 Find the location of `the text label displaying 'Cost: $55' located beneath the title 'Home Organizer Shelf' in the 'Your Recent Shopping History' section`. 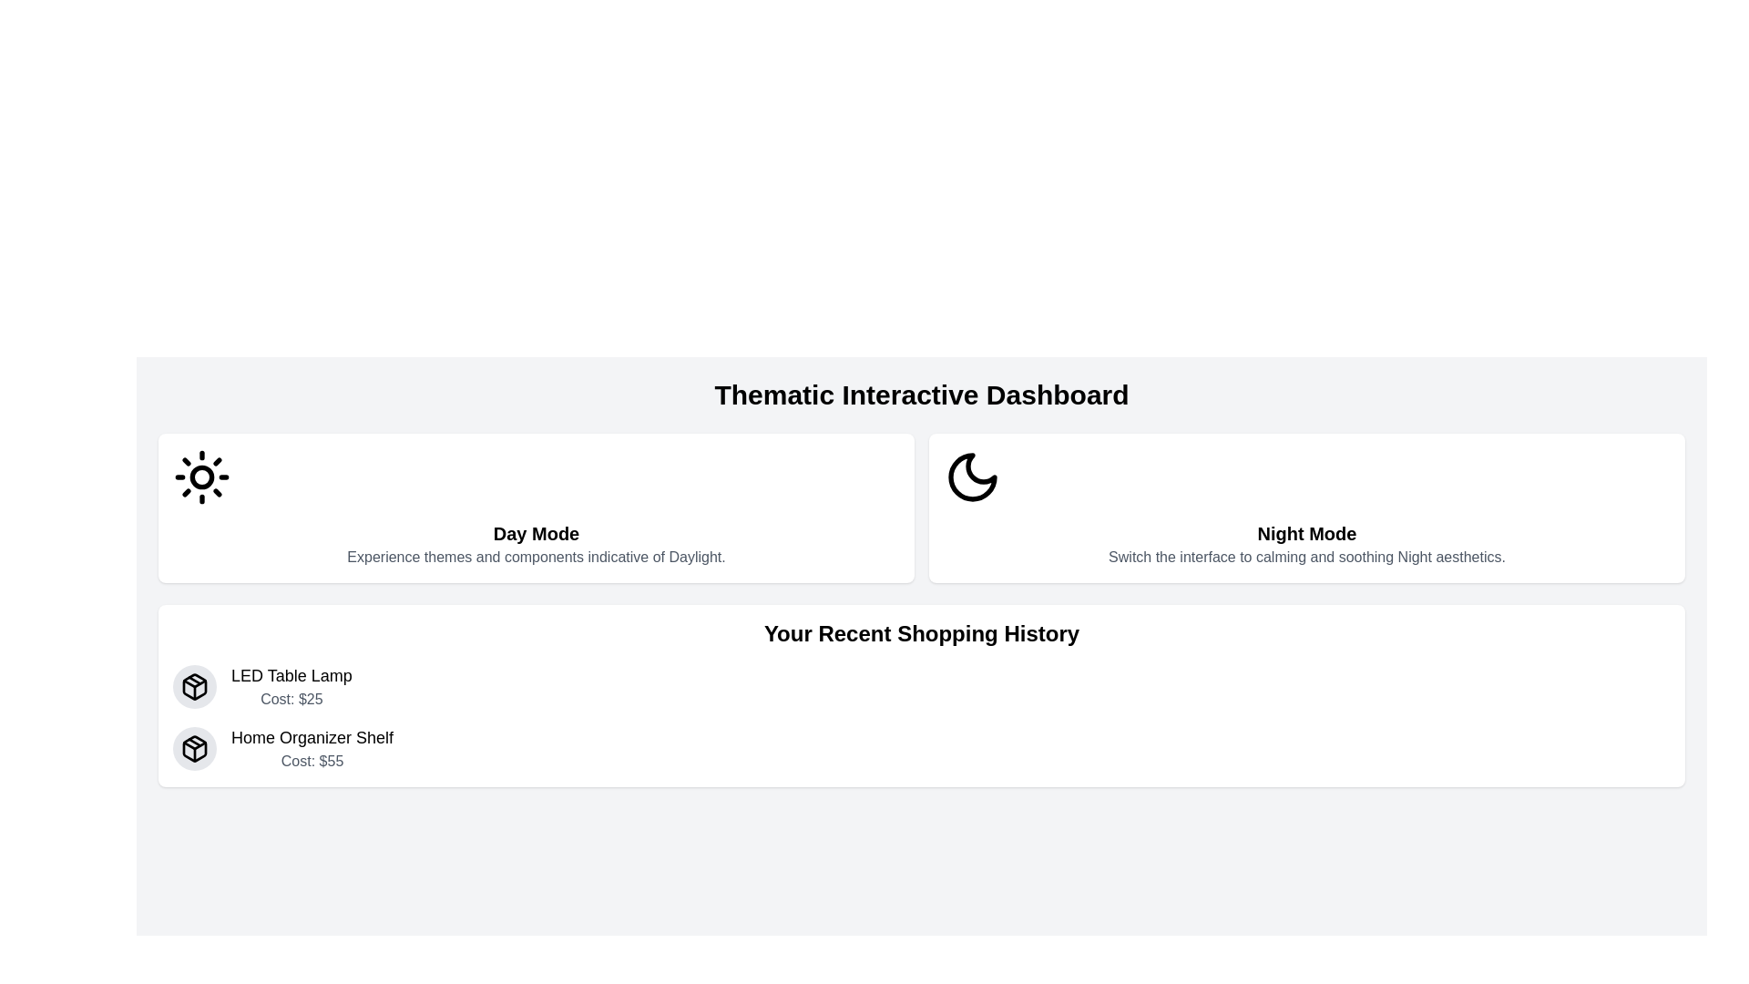

the text label displaying 'Cost: $55' located beneath the title 'Home Organizer Shelf' in the 'Your Recent Shopping History' section is located at coordinates (312, 762).